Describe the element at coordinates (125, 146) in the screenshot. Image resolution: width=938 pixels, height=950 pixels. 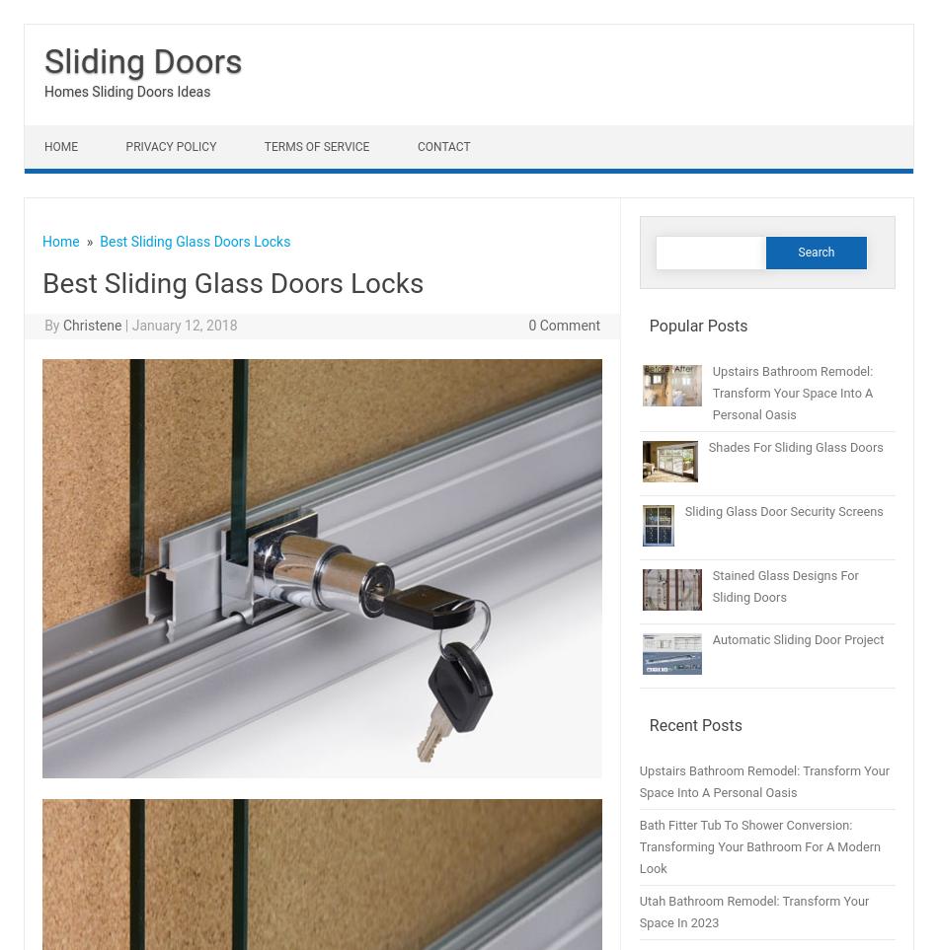
I see `'Privacy Policy'` at that location.